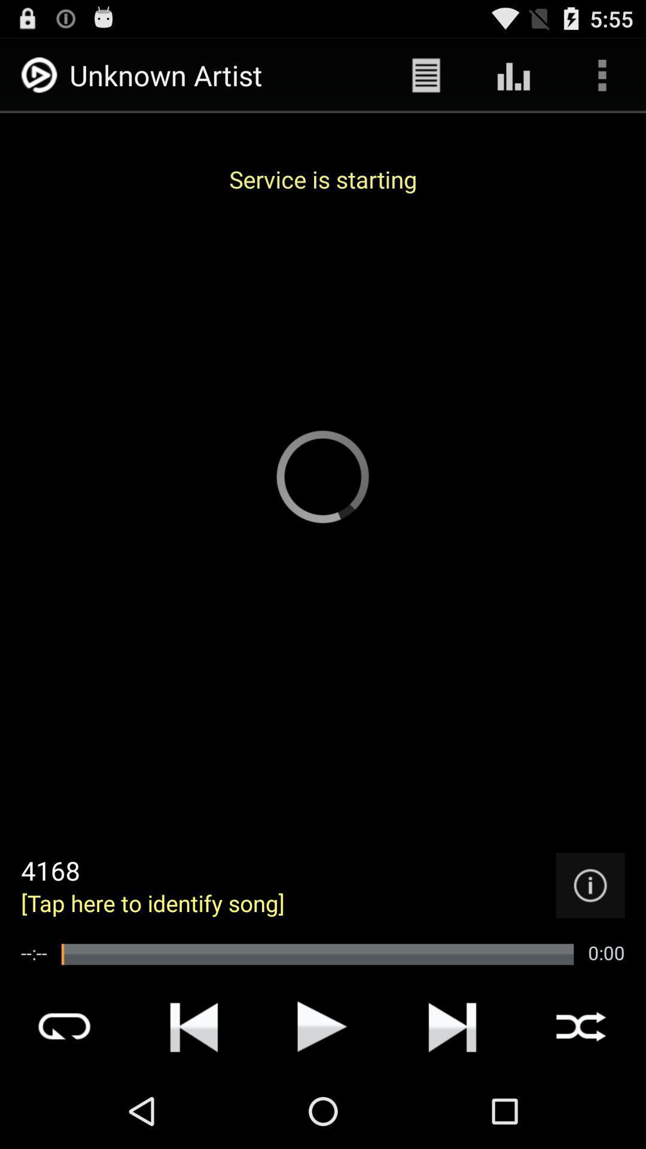 The image size is (646, 1149). I want to click on info option, so click(590, 885).